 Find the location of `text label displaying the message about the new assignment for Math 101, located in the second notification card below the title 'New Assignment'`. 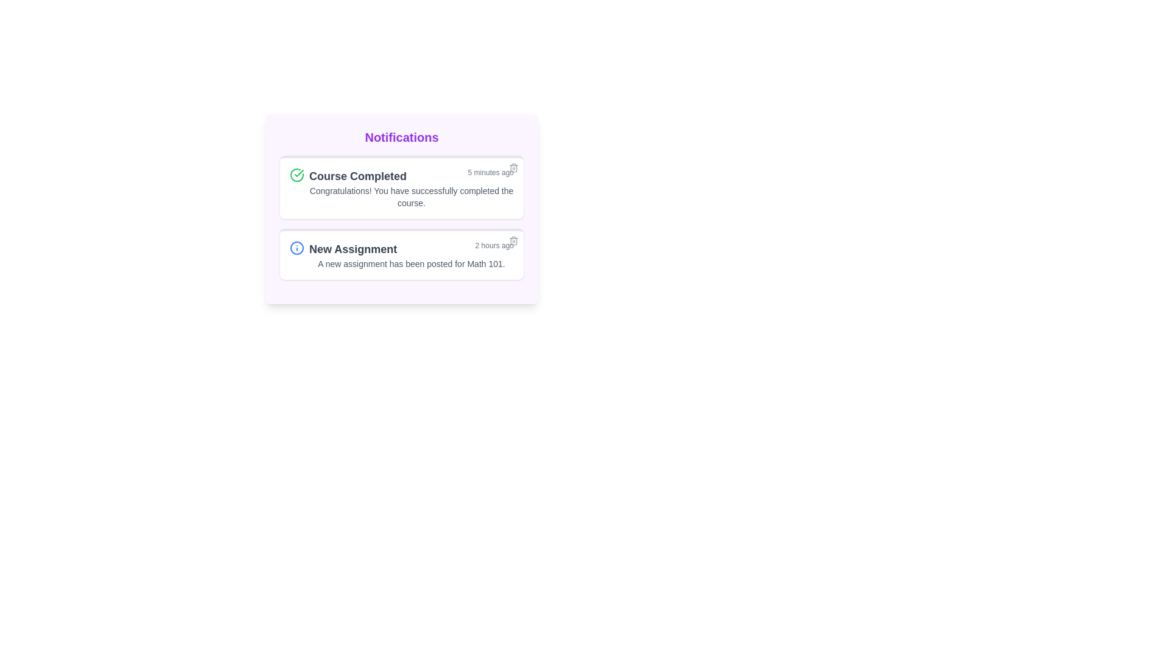

text label displaying the message about the new assignment for Math 101, located in the second notification card below the title 'New Assignment' is located at coordinates (412, 263).